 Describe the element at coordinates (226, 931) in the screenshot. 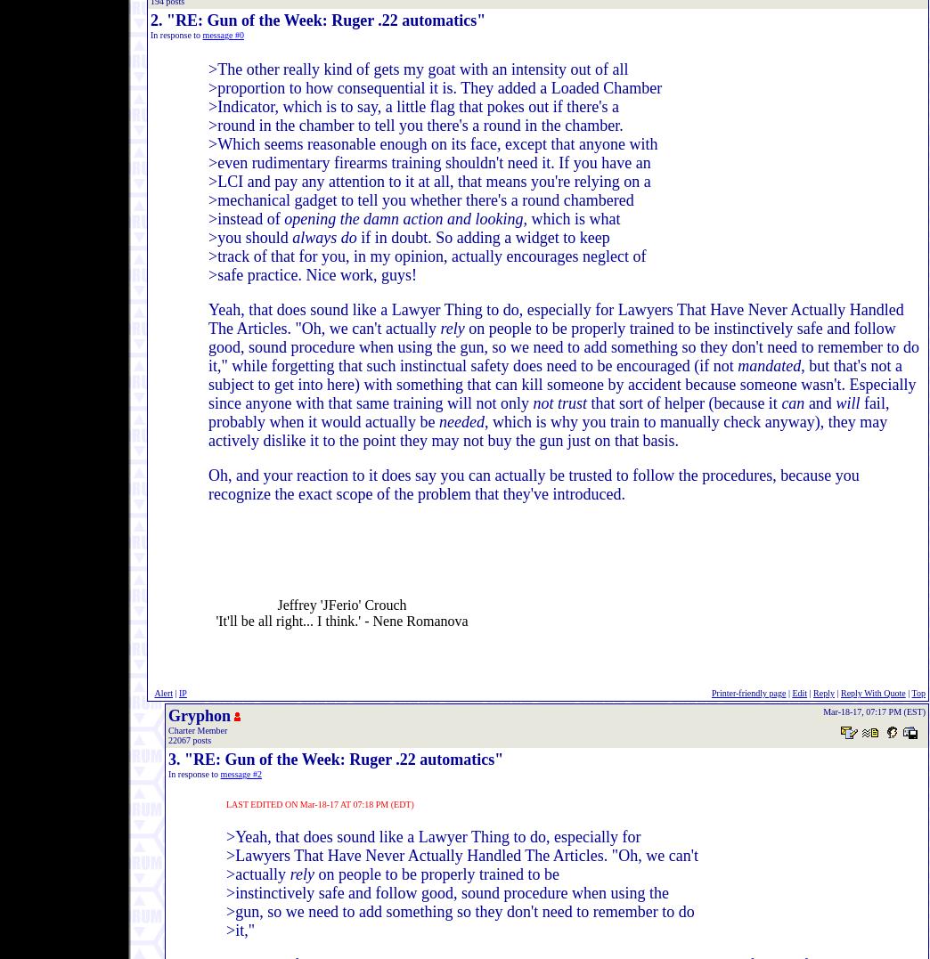

I see `'>it,"'` at that location.